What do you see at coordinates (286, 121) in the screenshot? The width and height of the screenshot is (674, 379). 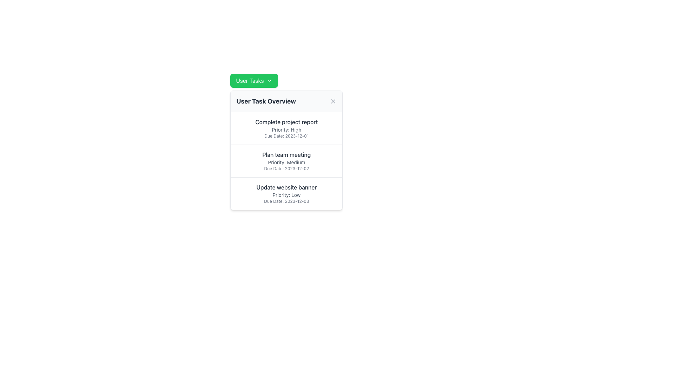 I see `text content of the Text Display that shows 'Complete project report', located at the top of the task overview panel` at bounding box center [286, 121].